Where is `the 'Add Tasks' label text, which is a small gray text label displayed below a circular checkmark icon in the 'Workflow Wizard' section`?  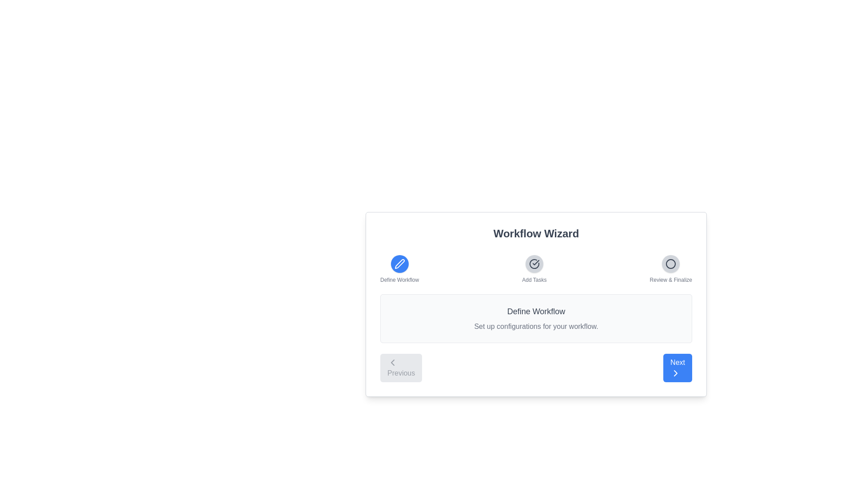
the 'Add Tasks' label text, which is a small gray text label displayed below a circular checkmark icon in the 'Workflow Wizard' section is located at coordinates (534, 279).